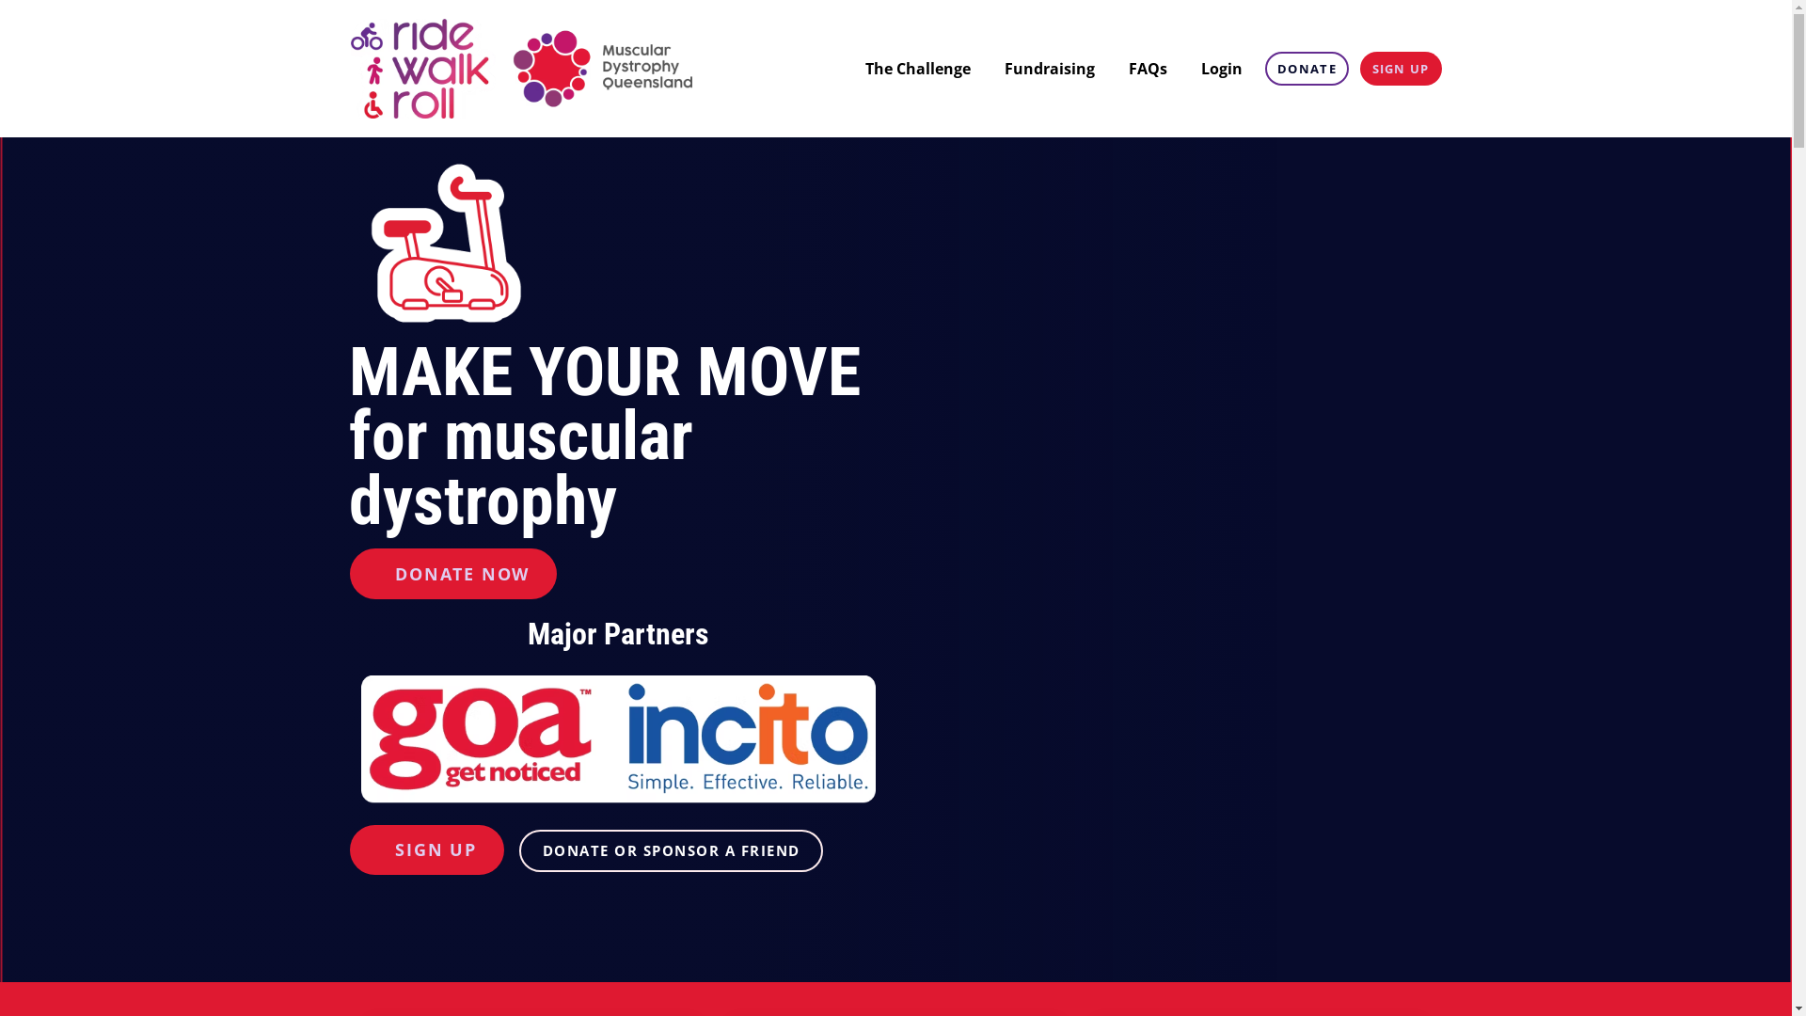 The image size is (1806, 1016). Describe the element at coordinates (1189, 68) in the screenshot. I see `'Login'` at that location.